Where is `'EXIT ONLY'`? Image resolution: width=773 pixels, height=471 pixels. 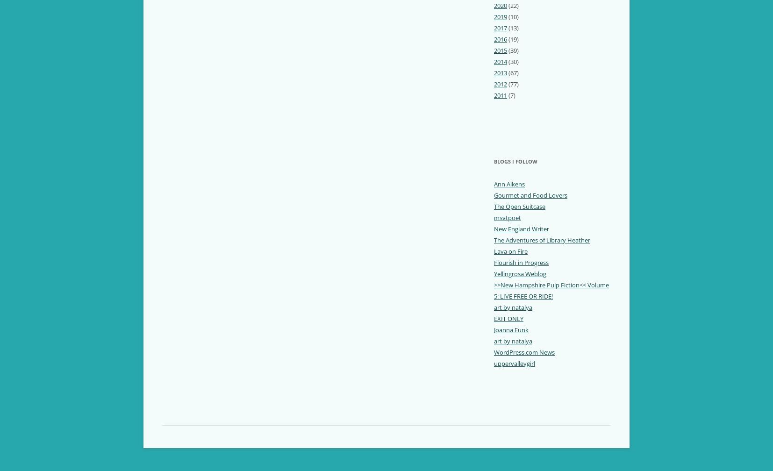
'EXIT ONLY' is located at coordinates (508, 318).